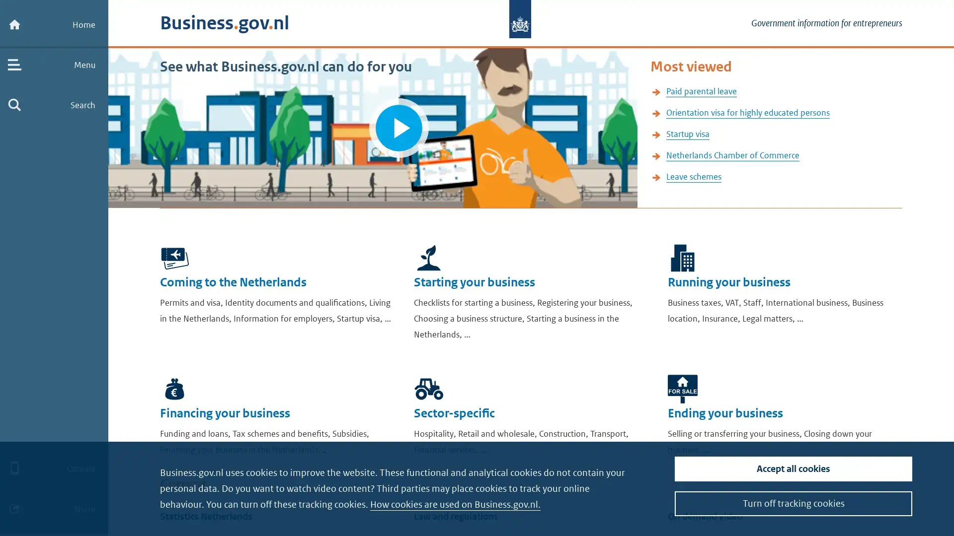 The image size is (954, 536). I want to click on Play video, so click(398, 128).